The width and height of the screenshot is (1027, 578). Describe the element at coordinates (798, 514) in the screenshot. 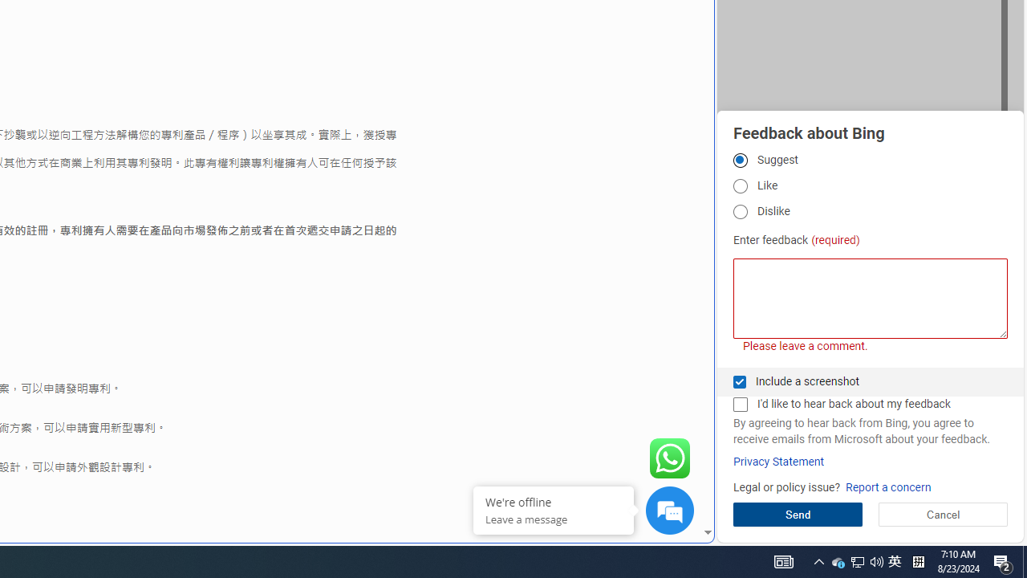

I see `'Send'` at that location.